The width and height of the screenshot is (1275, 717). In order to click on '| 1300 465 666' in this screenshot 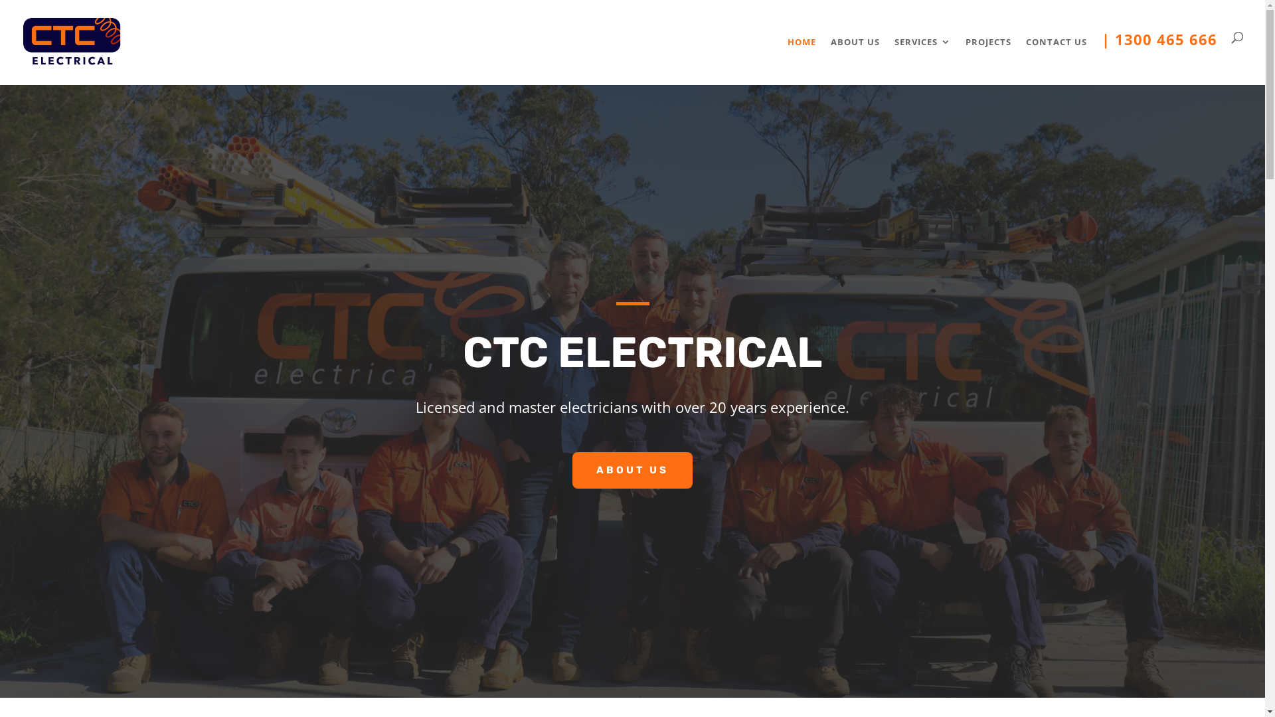, I will do `click(1102, 58)`.